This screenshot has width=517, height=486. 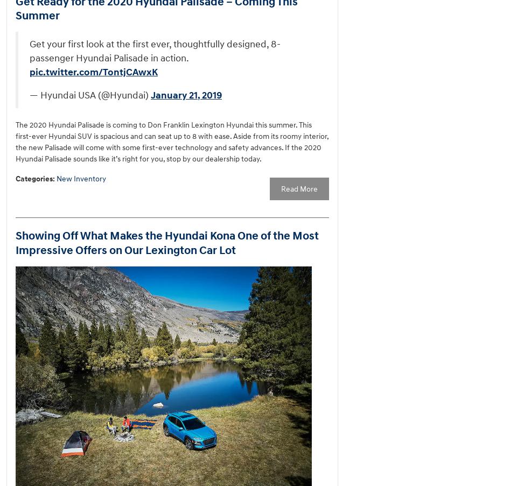 What do you see at coordinates (155, 51) in the screenshot?
I see `'Get your first look at the first ever, thoughtfully designed, 8-passenger Hyundai Palisade in action.'` at bounding box center [155, 51].